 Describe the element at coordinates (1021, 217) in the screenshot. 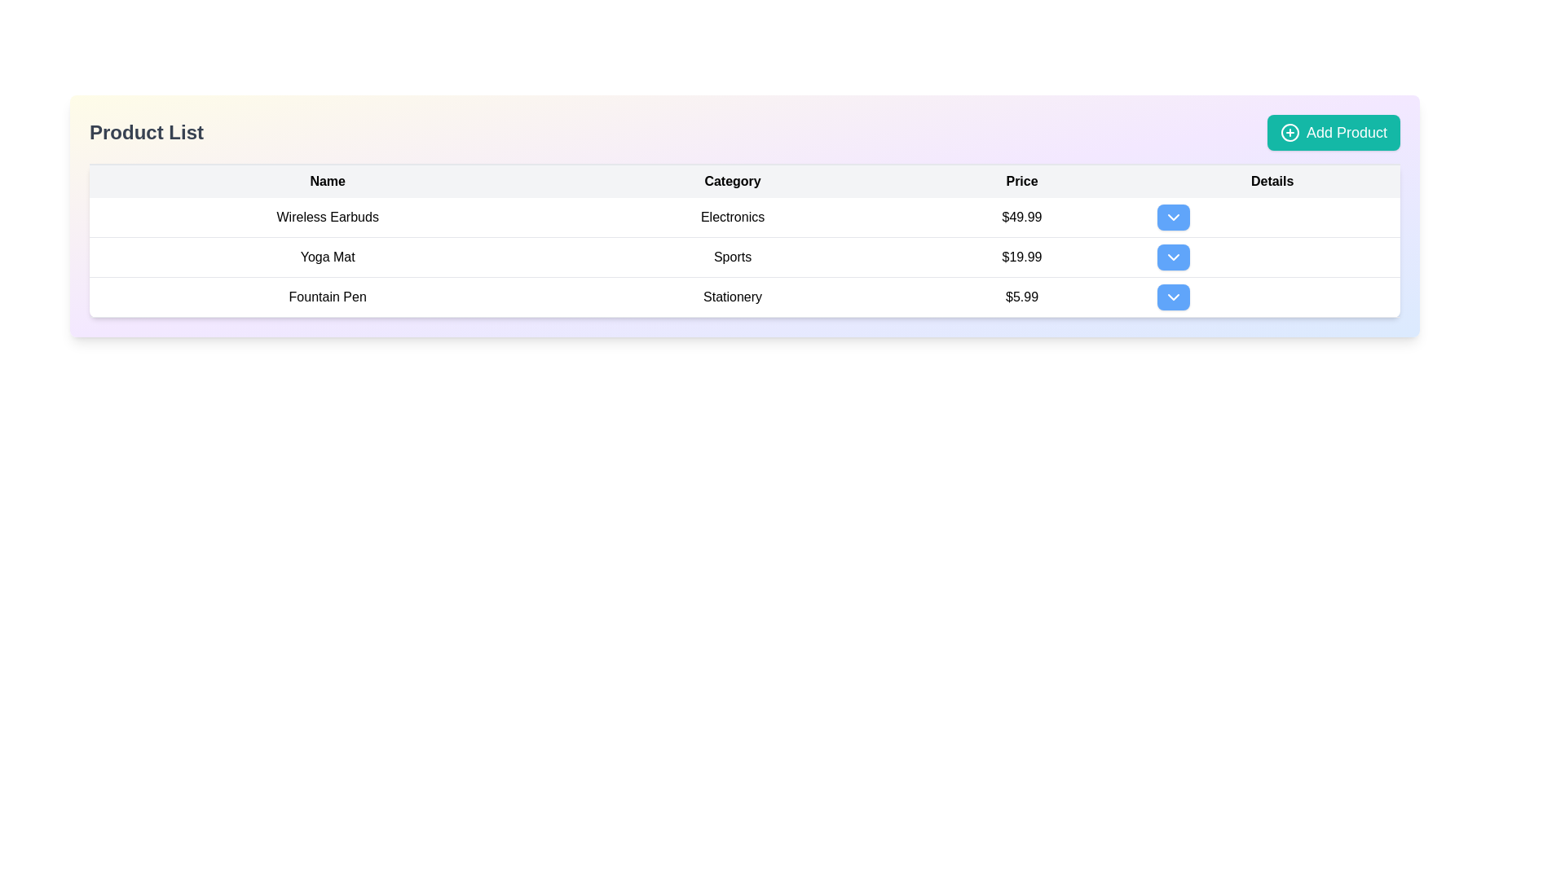

I see `the static text element displaying the price of the product in the first row of the 'Price' column, which is aligned with 'Wireless Earbuds' in the 'Name' column and 'Electronics' in the 'Category' column` at that location.